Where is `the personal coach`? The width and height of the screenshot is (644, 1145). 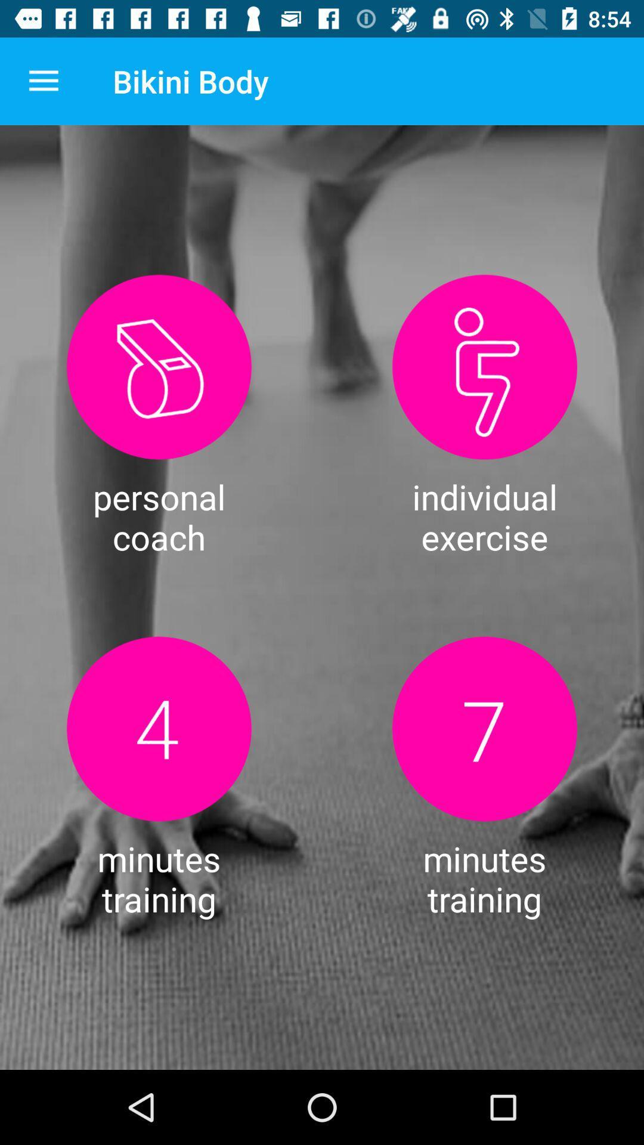 the personal coach is located at coordinates (158, 366).